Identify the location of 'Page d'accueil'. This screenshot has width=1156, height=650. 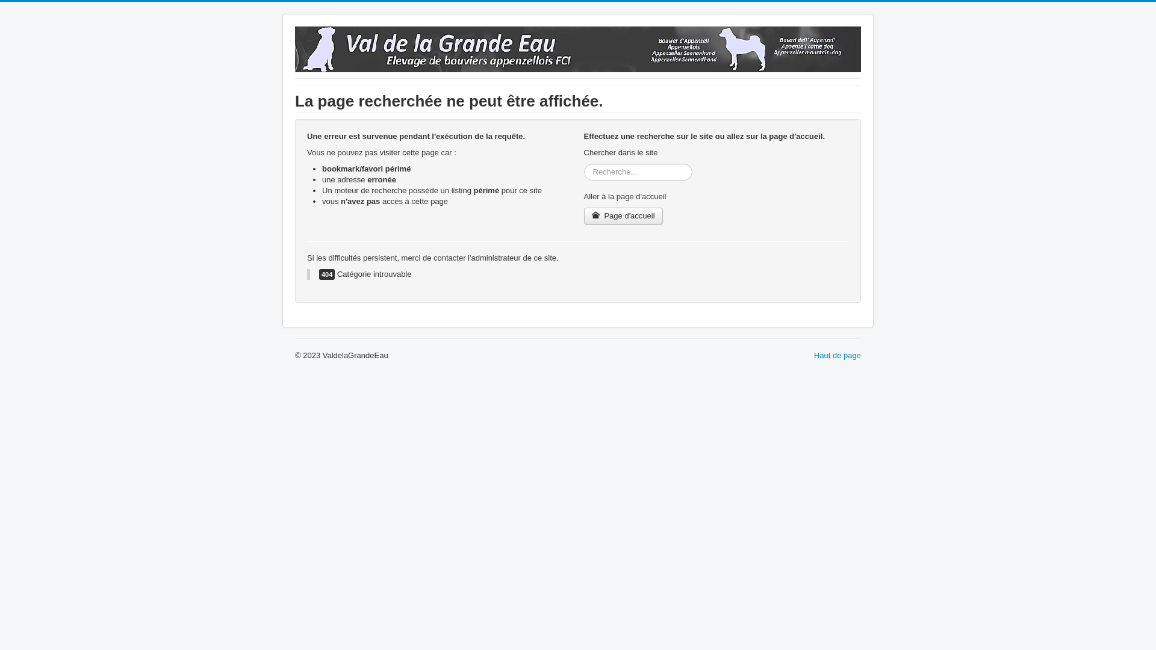
(623, 215).